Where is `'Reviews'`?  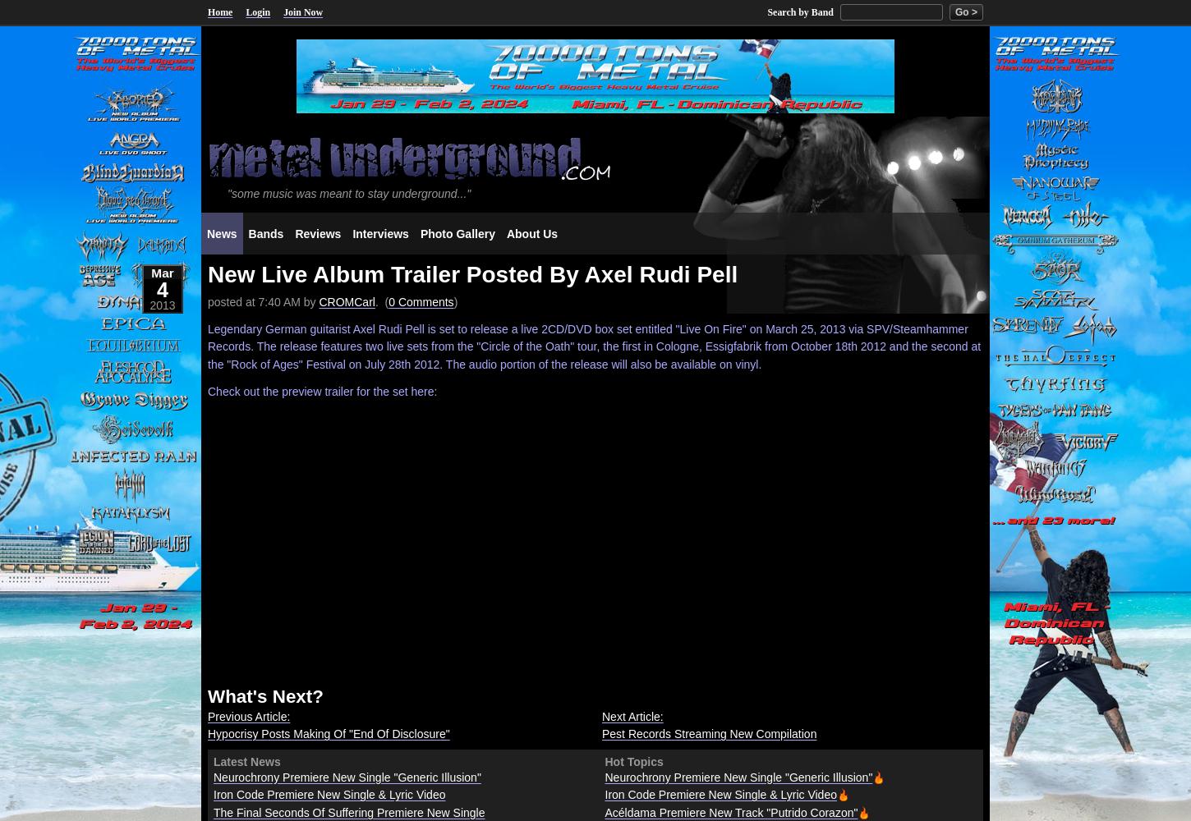 'Reviews' is located at coordinates (317, 233).